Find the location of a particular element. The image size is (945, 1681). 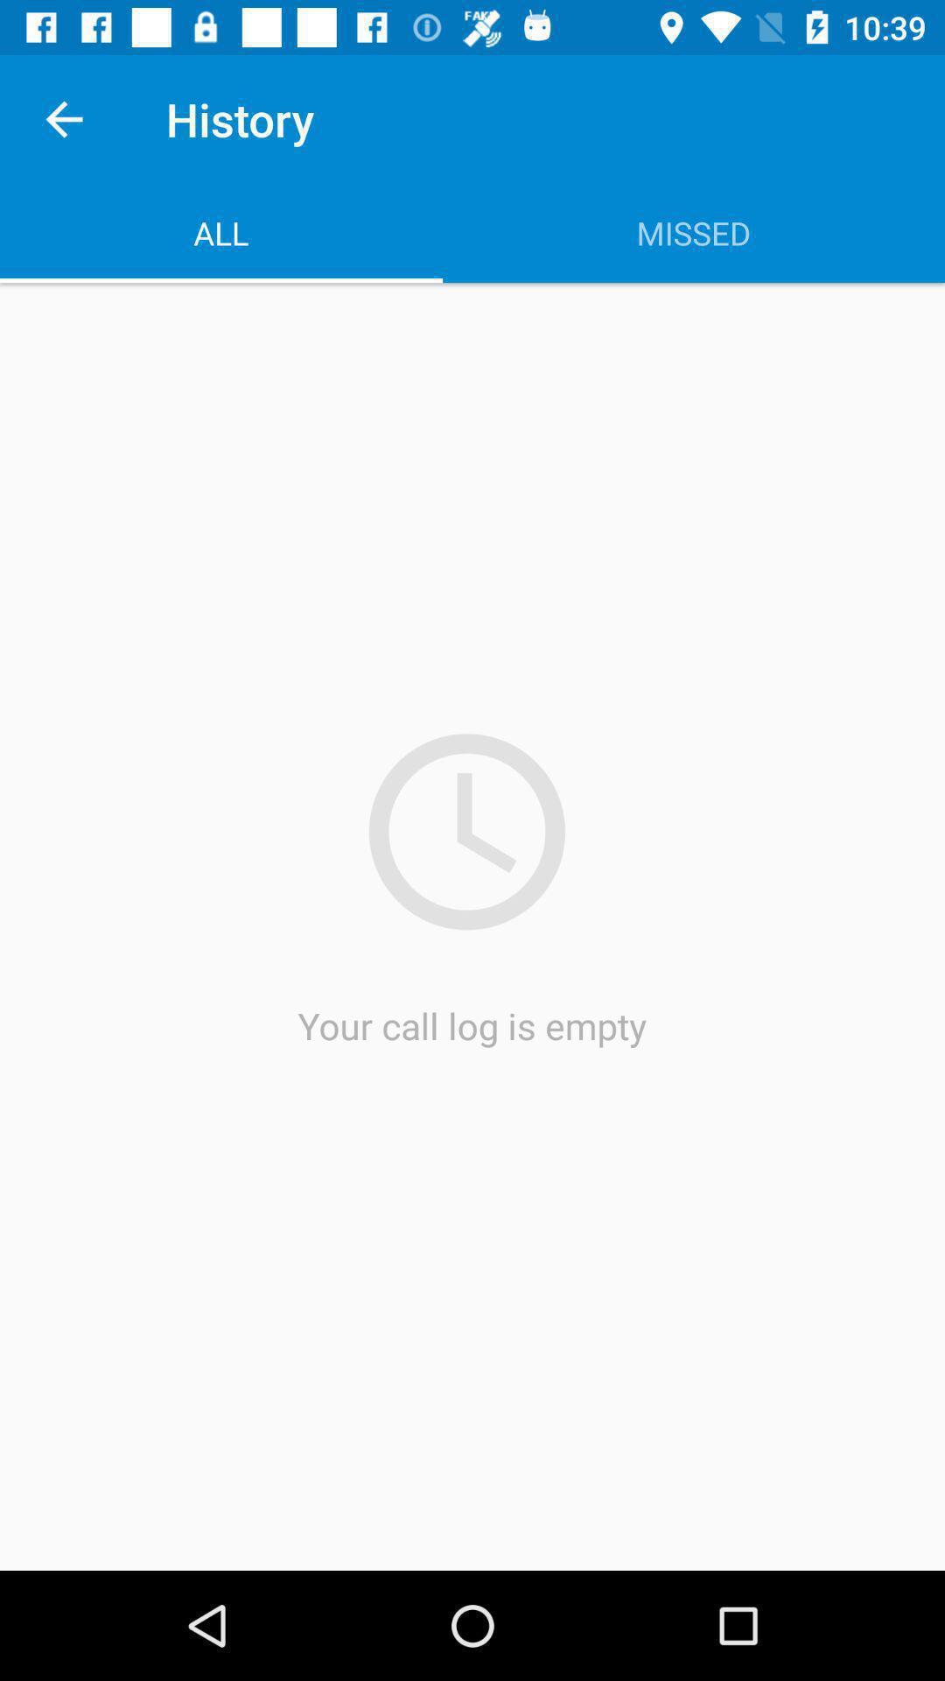

the app next to missed icon is located at coordinates (220, 232).